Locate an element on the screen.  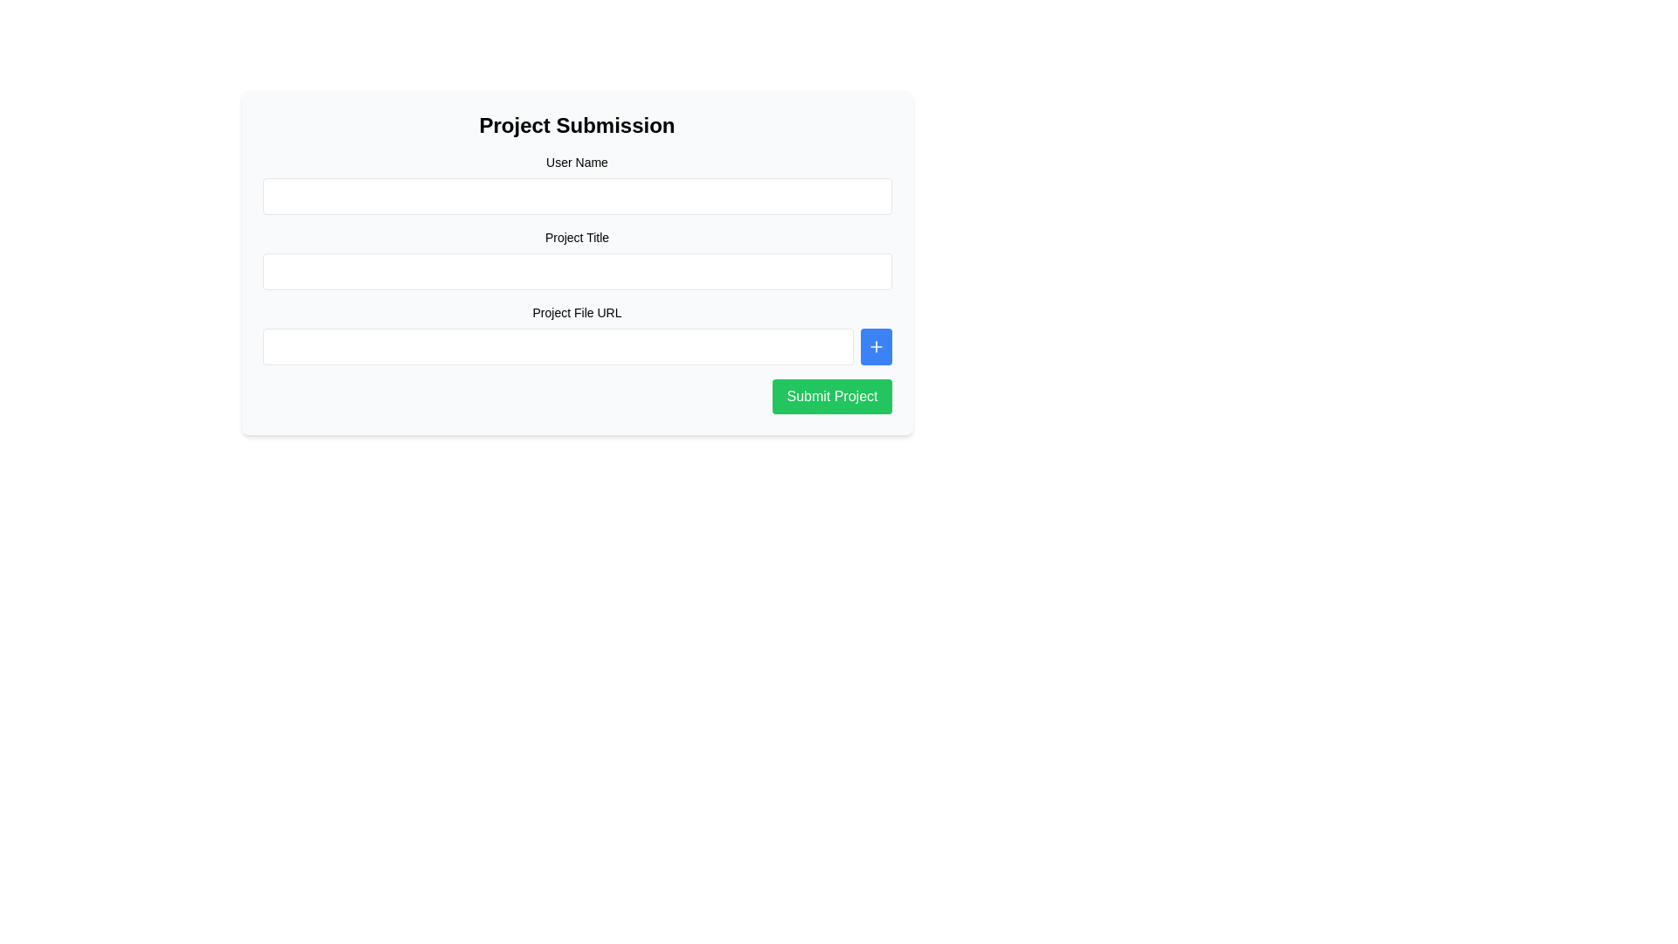
the 'Submit Project' button with a bold green background located at the bottom-right of the 'Project Submission' form to change its color is located at coordinates (831, 397).